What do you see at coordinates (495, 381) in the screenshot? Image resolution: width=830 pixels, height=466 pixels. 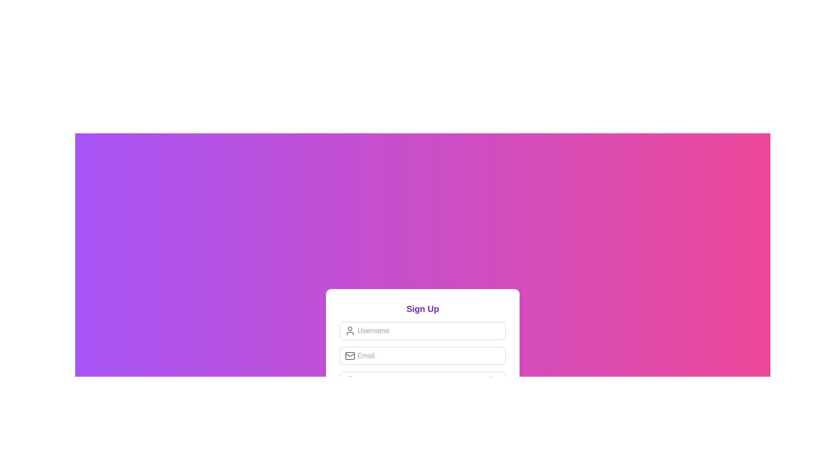 I see `the button located at the far right of the password input field` at bounding box center [495, 381].